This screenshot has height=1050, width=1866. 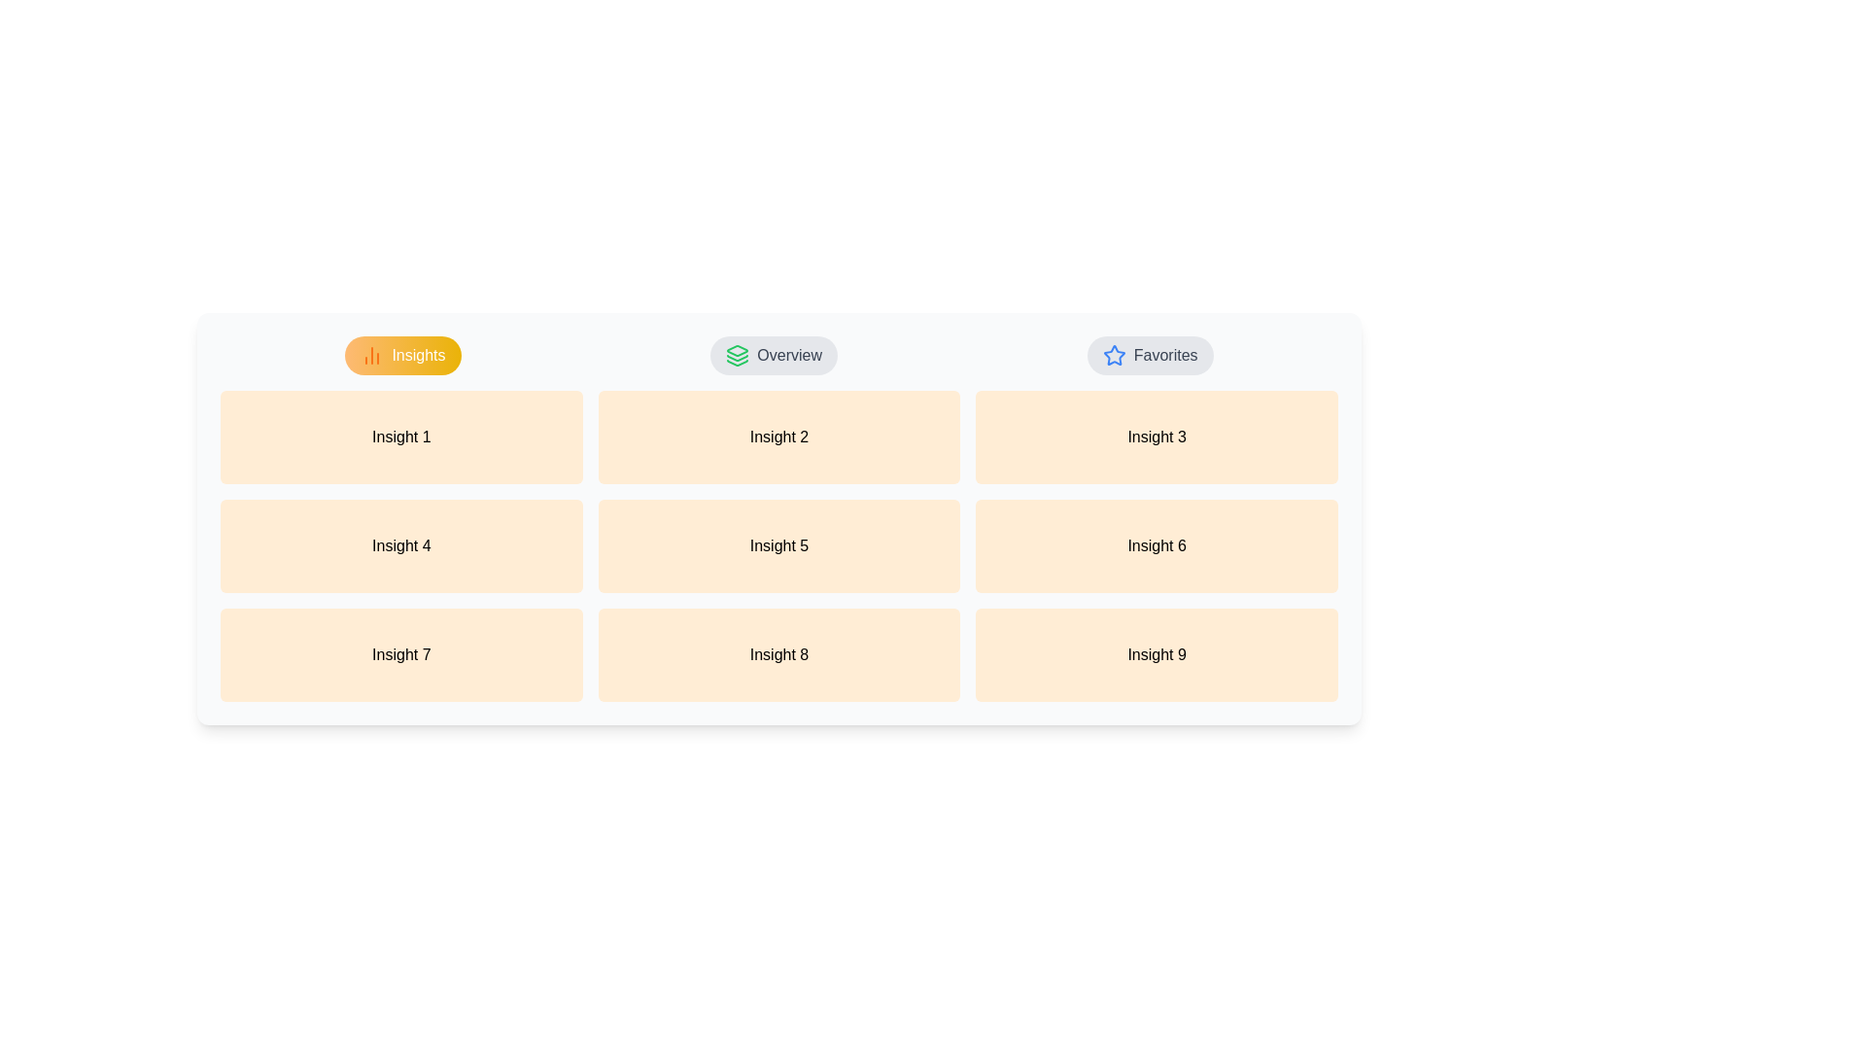 What do you see at coordinates (773, 356) in the screenshot?
I see `the Overview tab by clicking on its respective button` at bounding box center [773, 356].